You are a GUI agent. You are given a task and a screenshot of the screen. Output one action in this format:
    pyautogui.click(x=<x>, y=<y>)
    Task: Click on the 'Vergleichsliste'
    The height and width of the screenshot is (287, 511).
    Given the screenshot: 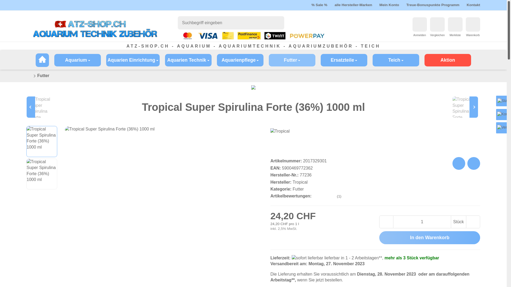 What is the action you would take?
    pyautogui.click(x=437, y=24)
    